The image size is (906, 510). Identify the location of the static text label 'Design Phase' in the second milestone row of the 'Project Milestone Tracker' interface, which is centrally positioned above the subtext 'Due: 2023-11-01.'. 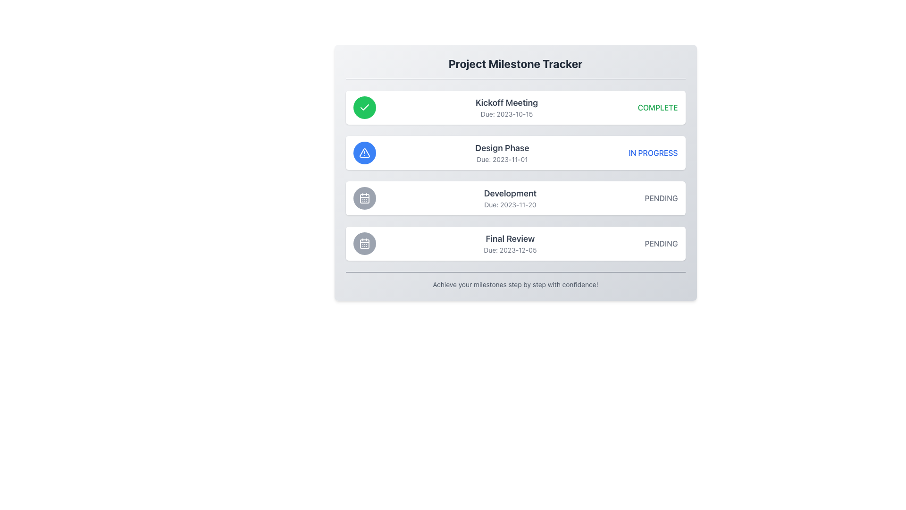
(502, 148).